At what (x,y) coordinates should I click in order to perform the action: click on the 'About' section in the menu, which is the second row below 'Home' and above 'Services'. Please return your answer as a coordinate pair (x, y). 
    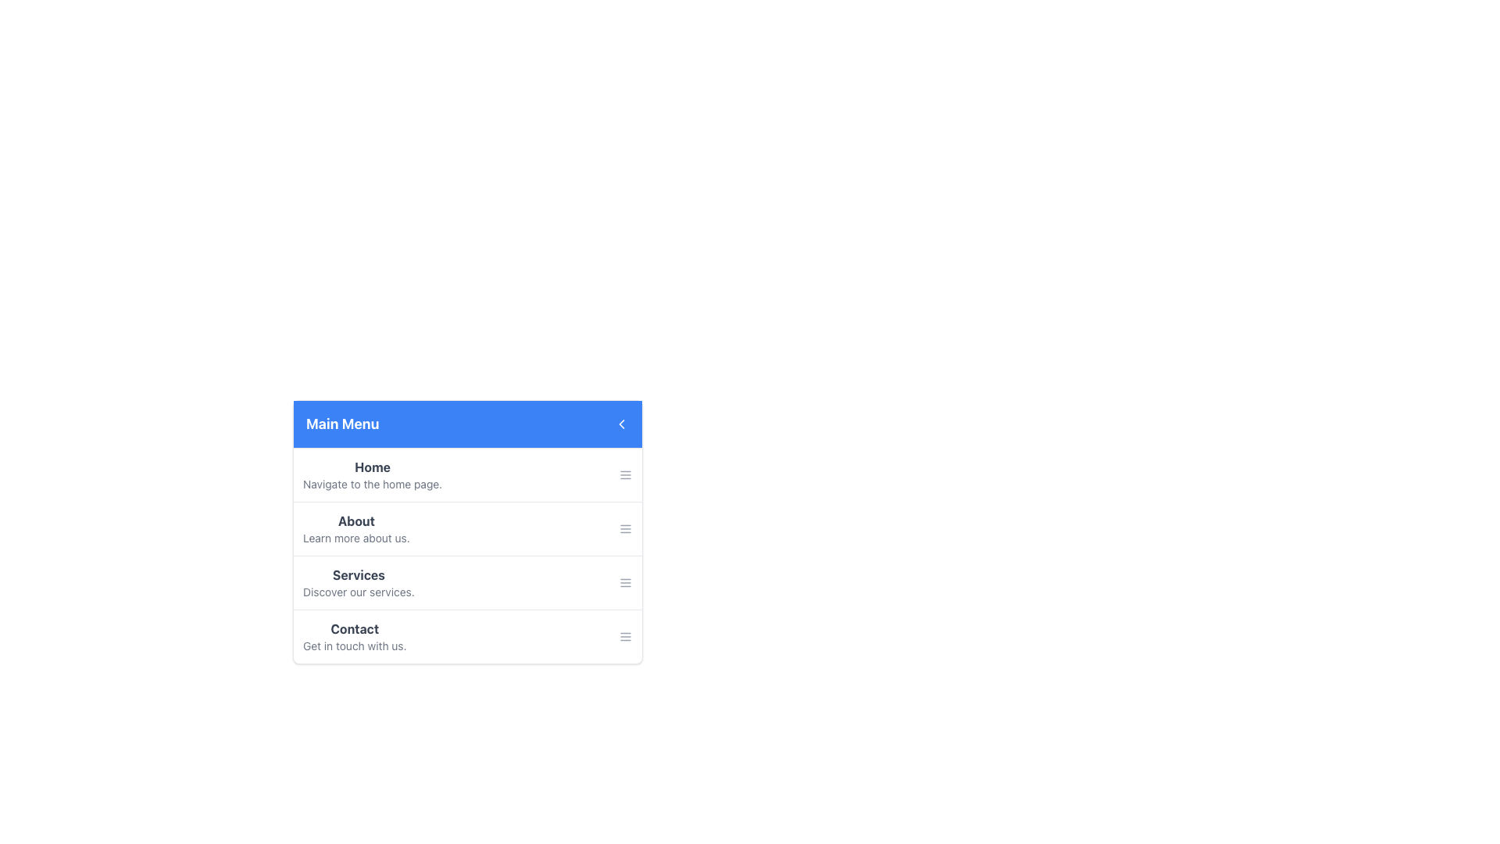
    Looking at the image, I should click on (467, 531).